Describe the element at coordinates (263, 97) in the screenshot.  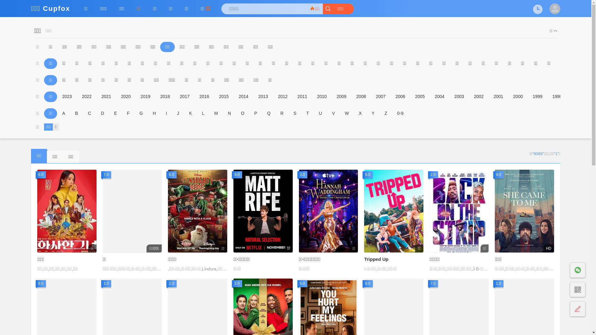
I see `'2013'` at that location.